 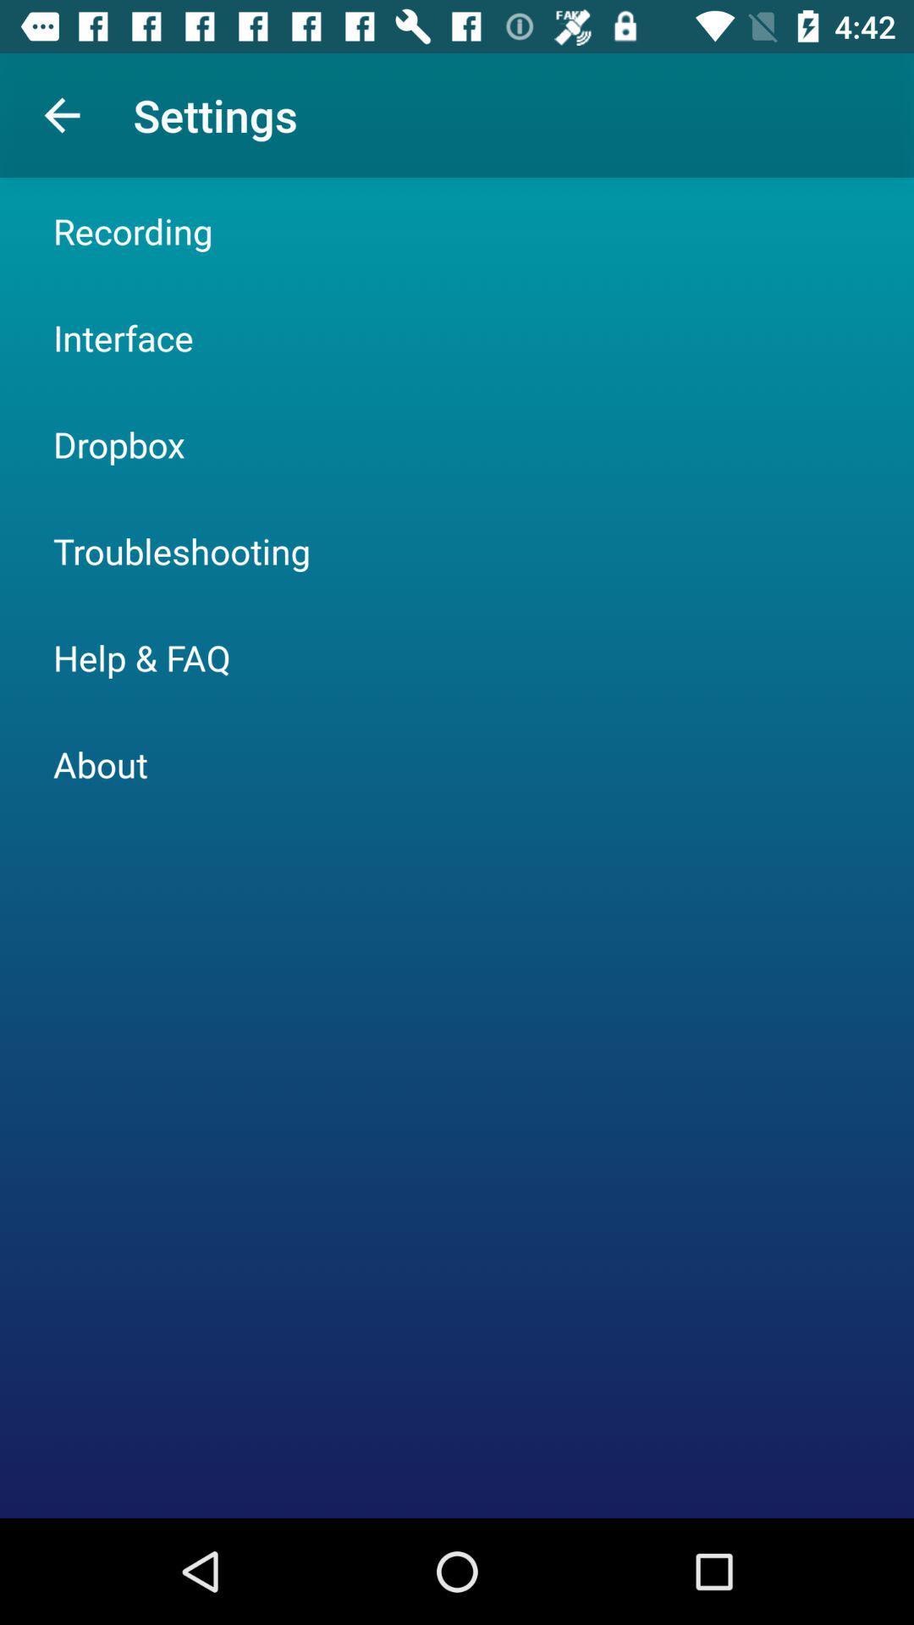 I want to click on the icon below troubleshooting icon, so click(x=141, y=657).